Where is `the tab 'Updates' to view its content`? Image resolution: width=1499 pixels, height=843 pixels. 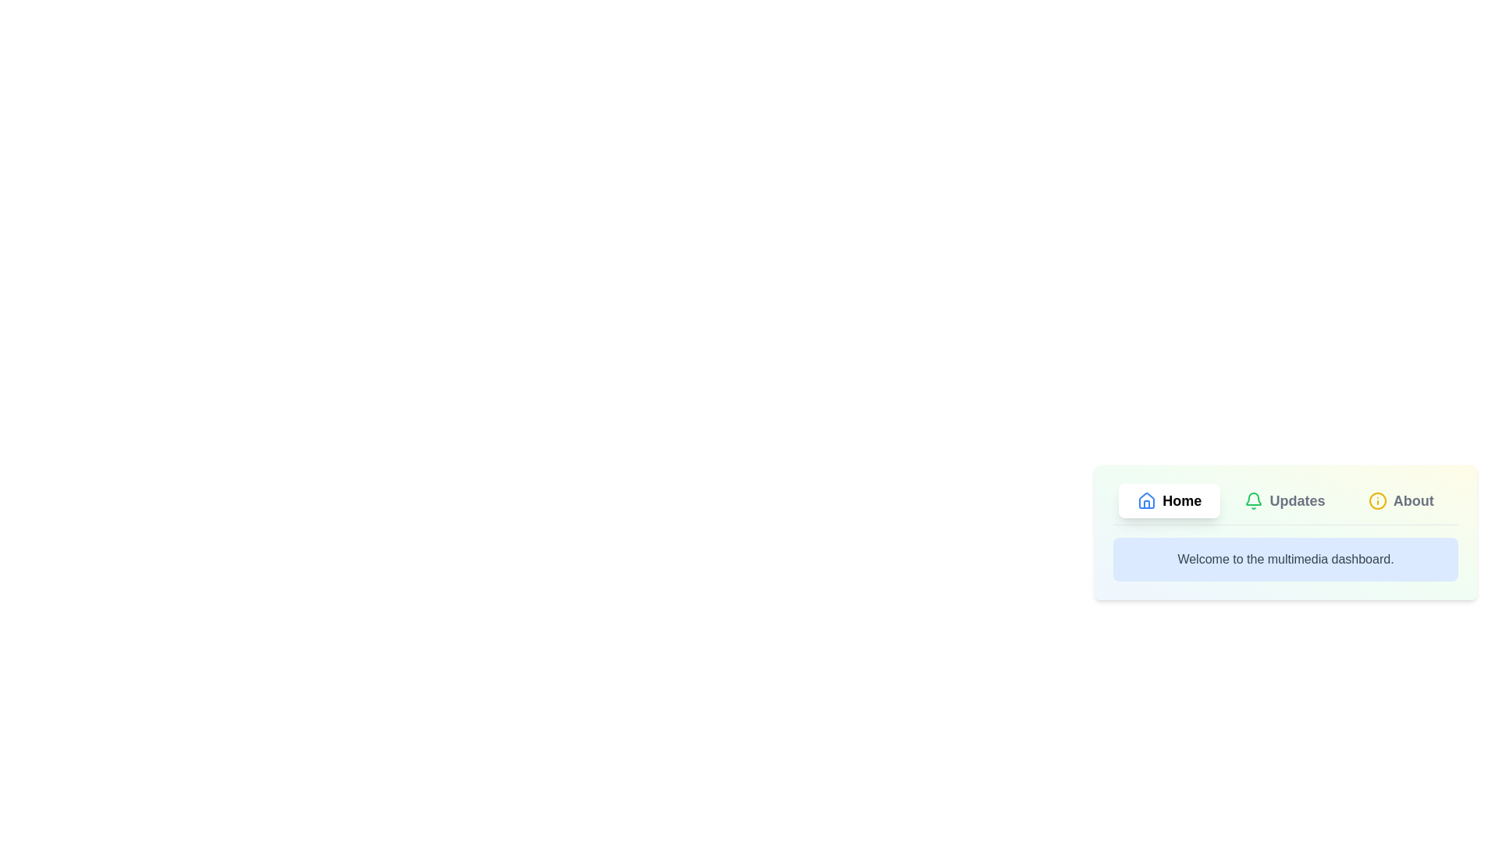 the tab 'Updates' to view its content is located at coordinates (1285, 500).